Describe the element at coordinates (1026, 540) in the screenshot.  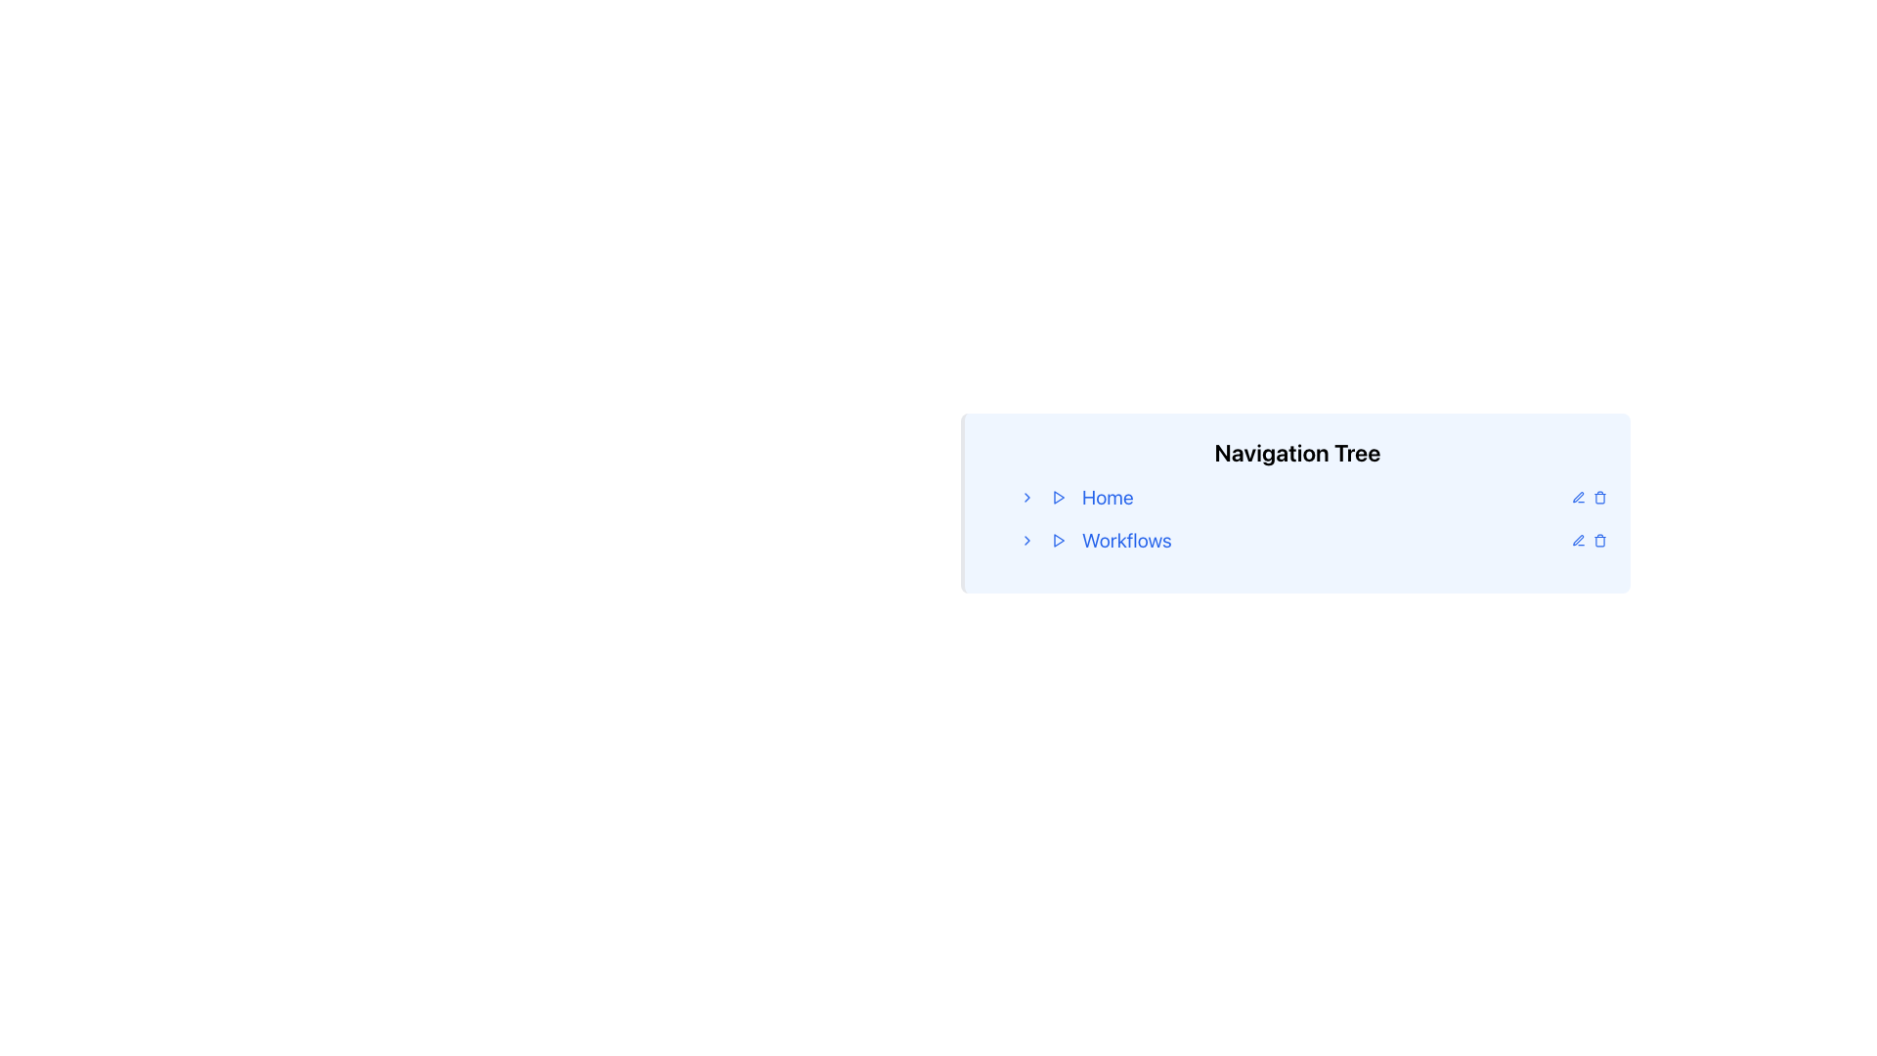
I see `the right-facing chevron icon located before the 'Workflows' text label in the navigation tree` at that location.